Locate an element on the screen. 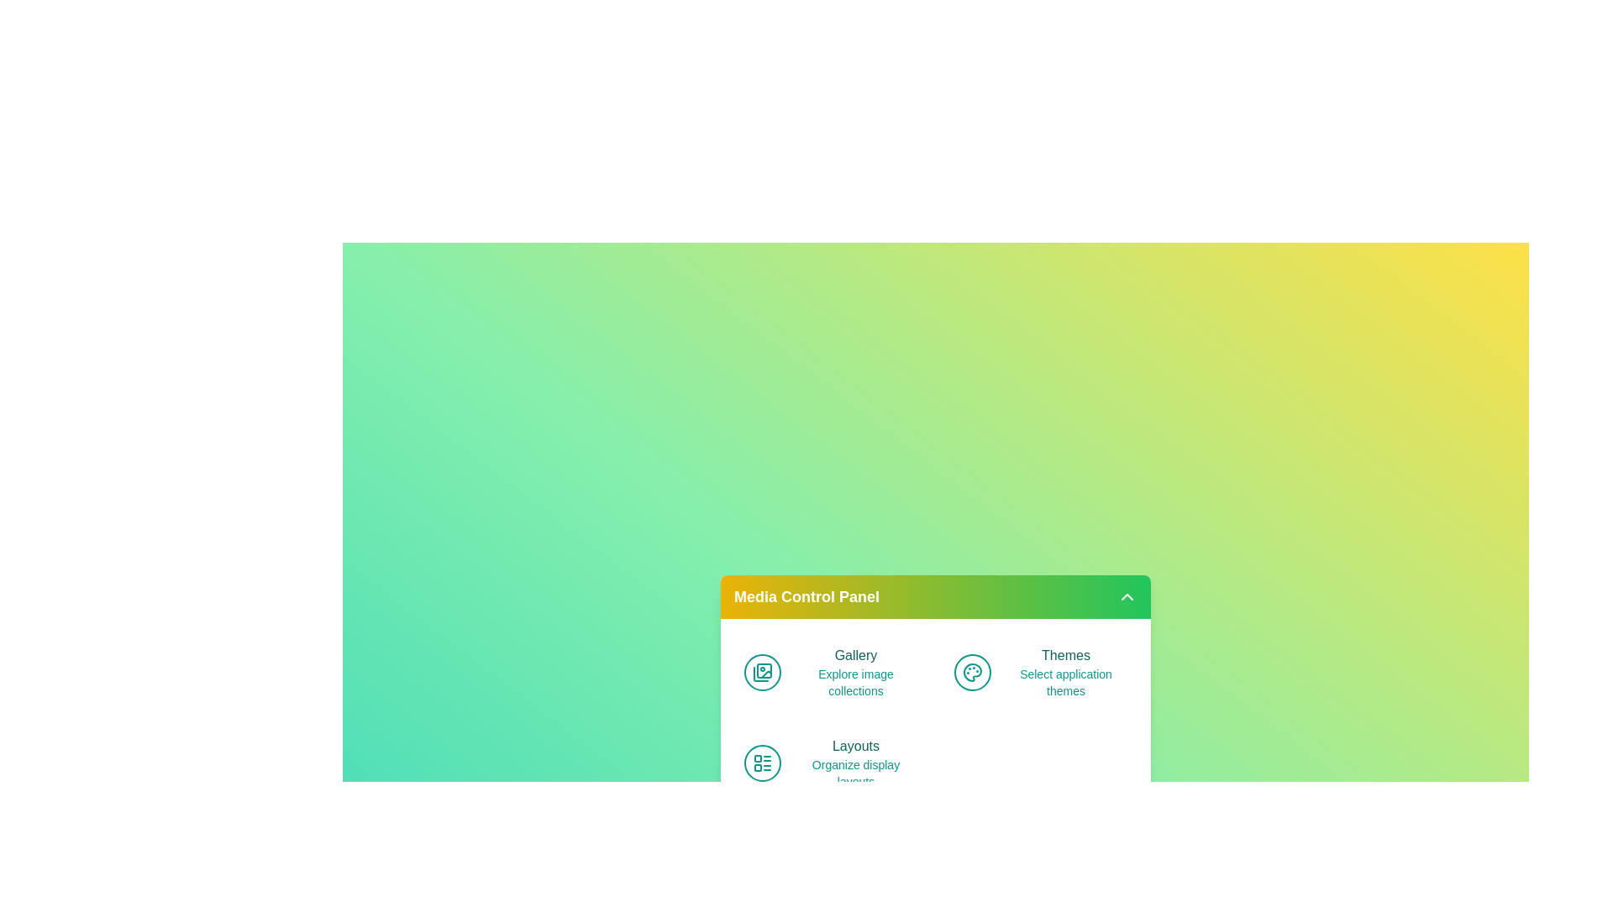  the icon associated with Gallery is located at coordinates (761, 672).